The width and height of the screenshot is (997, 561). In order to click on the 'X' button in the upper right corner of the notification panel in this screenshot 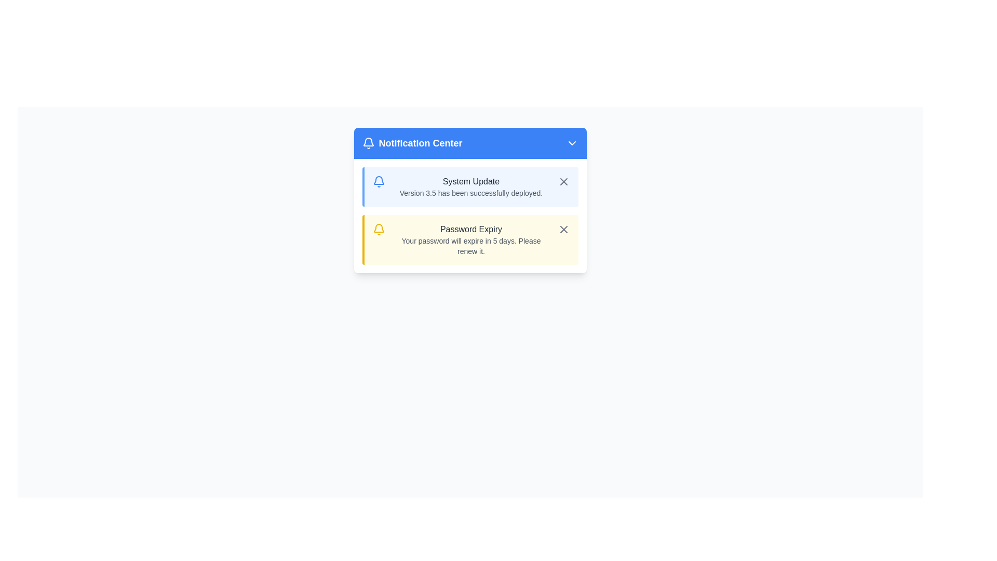, I will do `click(563, 181)`.